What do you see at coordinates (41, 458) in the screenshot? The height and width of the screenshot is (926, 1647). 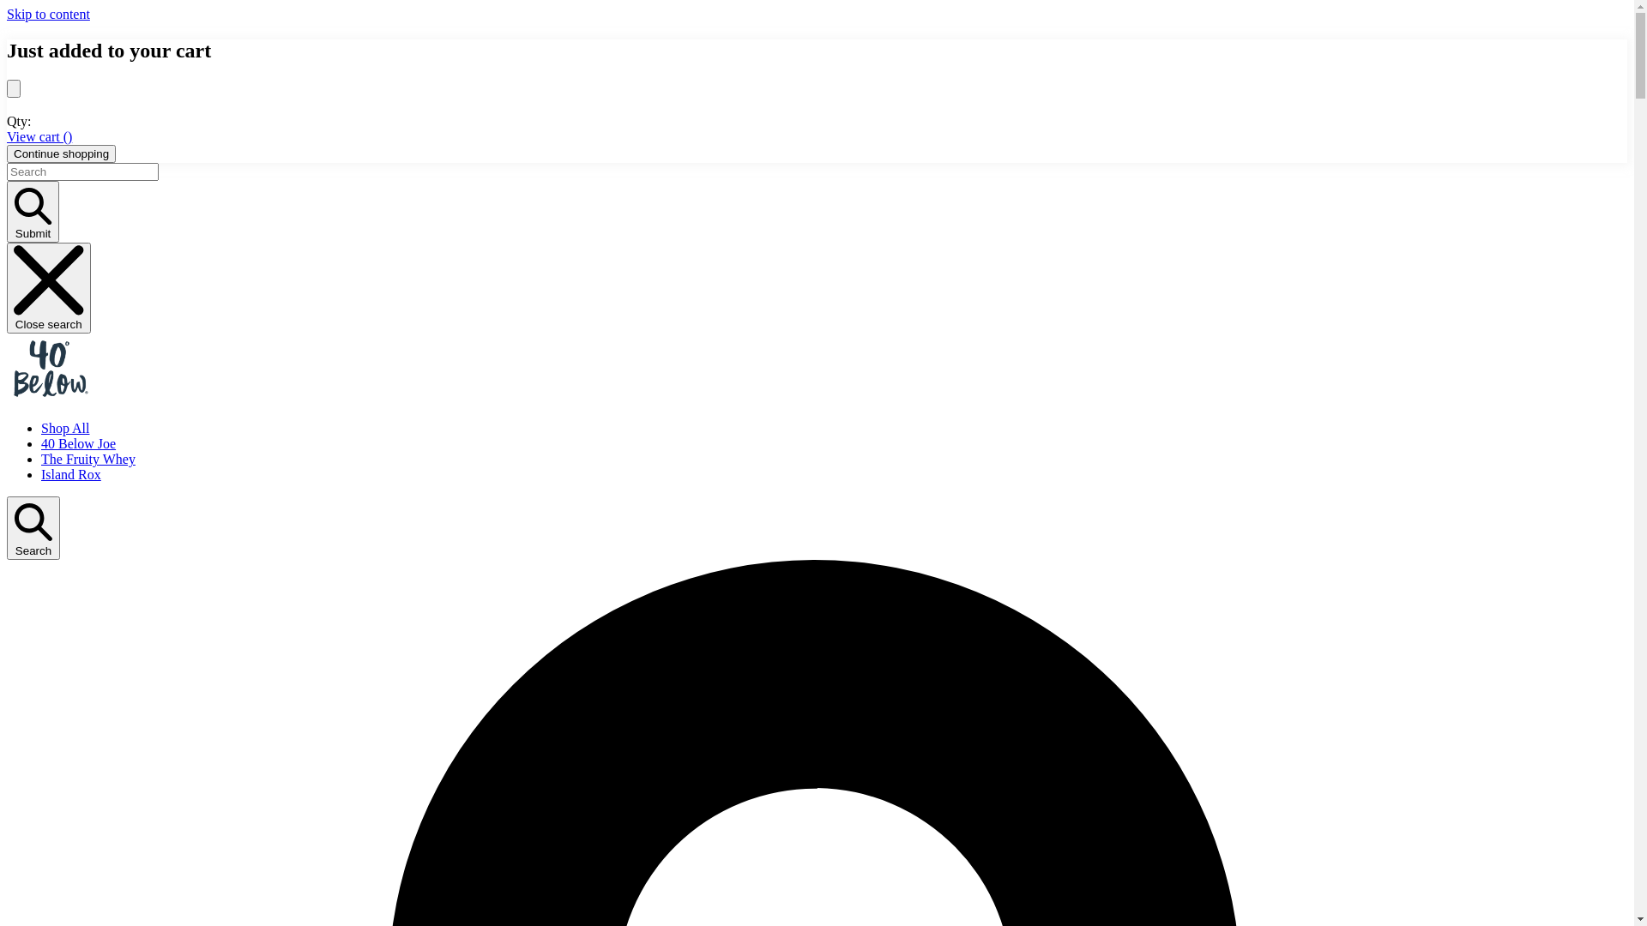 I see `'The Fruity Whey'` at bounding box center [41, 458].